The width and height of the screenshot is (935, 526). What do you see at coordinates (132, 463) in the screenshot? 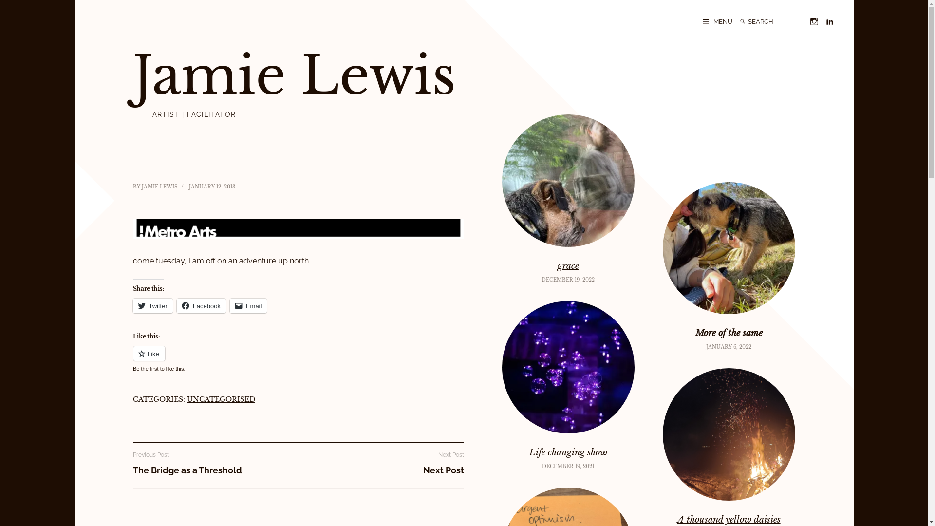
I see `'Previous Post` at bounding box center [132, 463].